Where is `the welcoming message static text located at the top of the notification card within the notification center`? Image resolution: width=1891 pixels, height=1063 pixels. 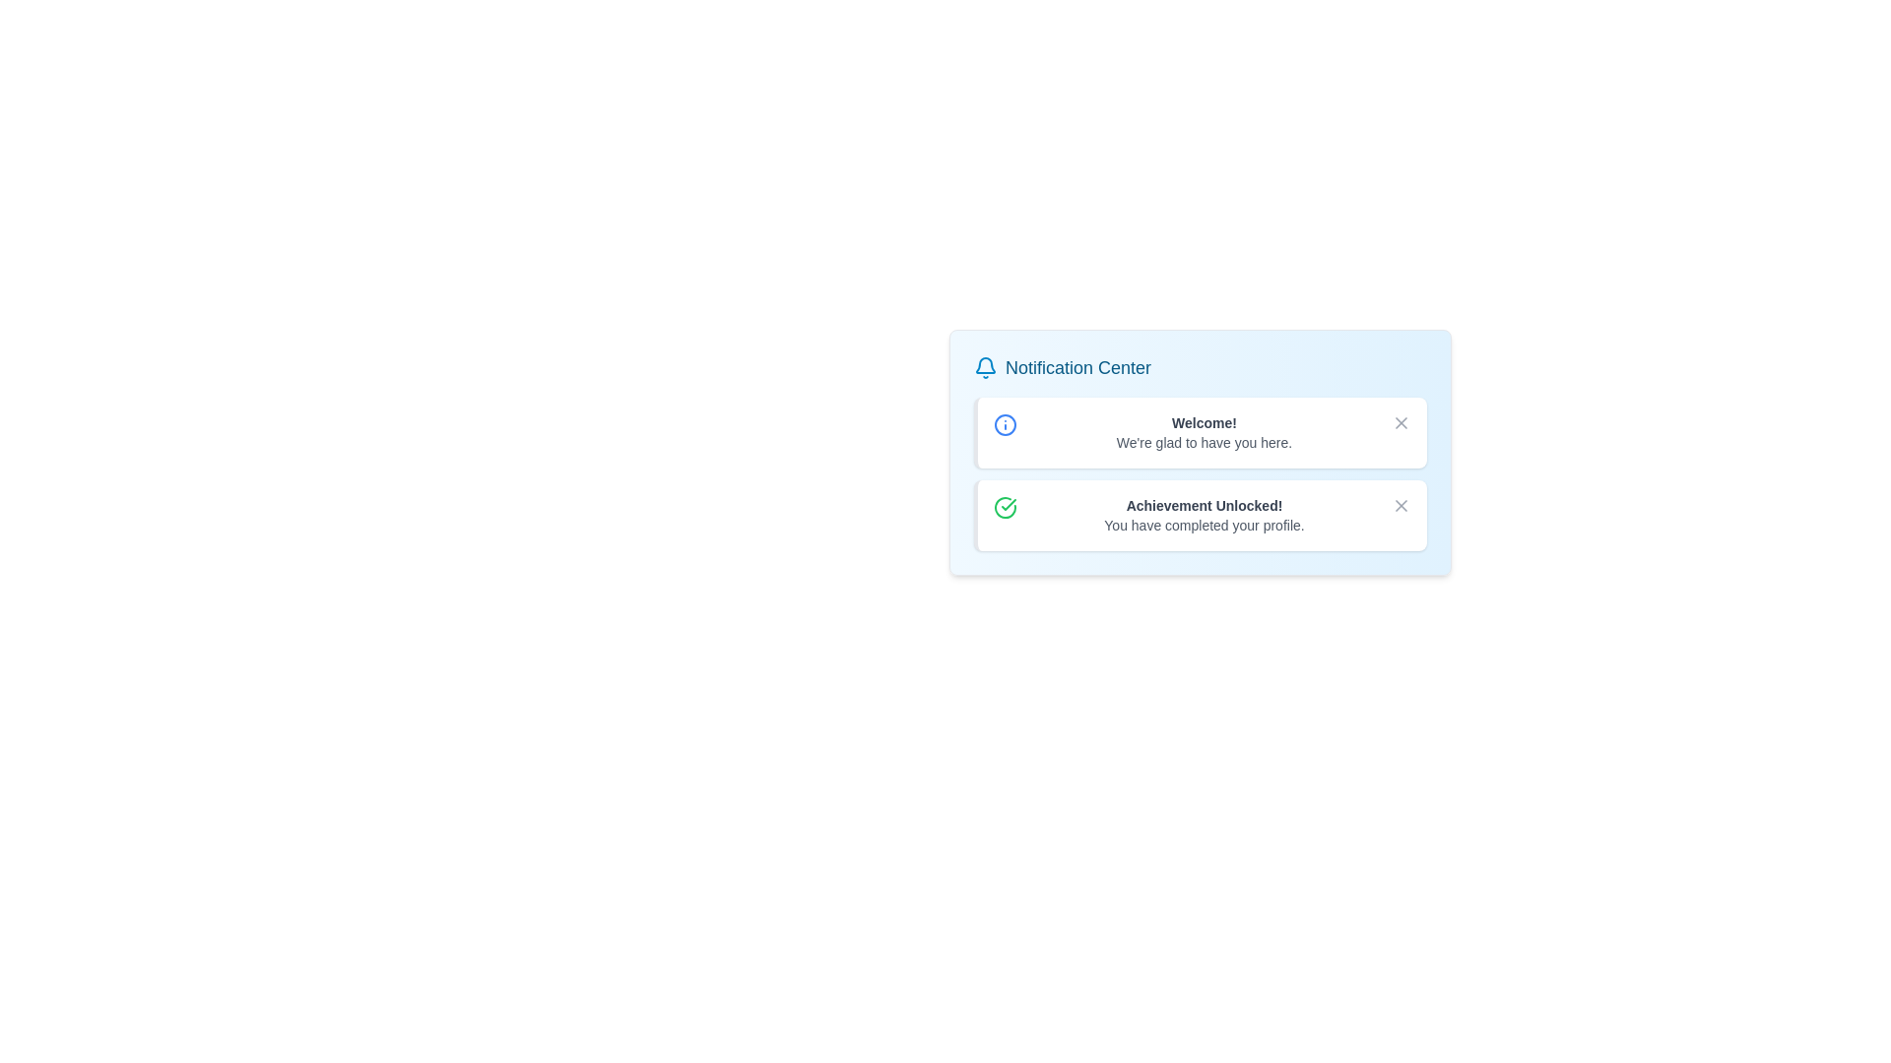
the welcoming message static text located at the top of the notification card within the notification center is located at coordinates (1204, 421).